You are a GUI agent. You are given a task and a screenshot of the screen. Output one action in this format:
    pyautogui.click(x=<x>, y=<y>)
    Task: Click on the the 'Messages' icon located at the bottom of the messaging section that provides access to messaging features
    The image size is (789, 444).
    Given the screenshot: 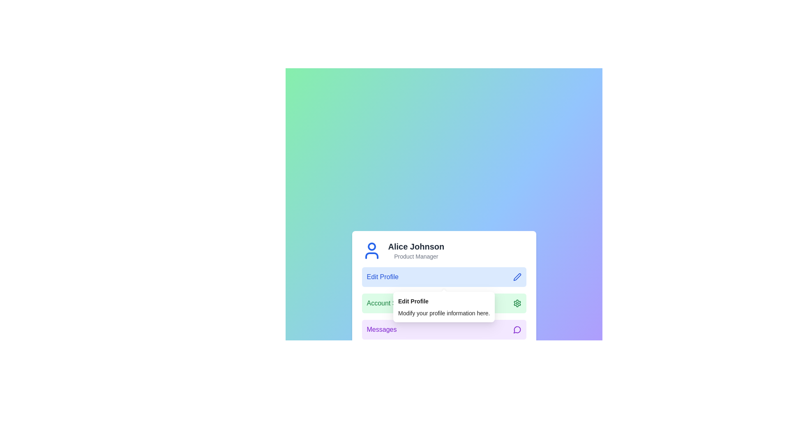 What is the action you would take?
    pyautogui.click(x=517, y=329)
    